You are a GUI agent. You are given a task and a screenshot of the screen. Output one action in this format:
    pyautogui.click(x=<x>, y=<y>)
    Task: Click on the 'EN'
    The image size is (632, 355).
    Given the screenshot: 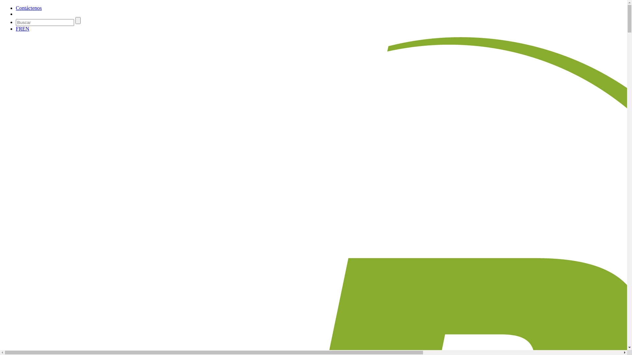 What is the action you would take?
    pyautogui.click(x=26, y=28)
    